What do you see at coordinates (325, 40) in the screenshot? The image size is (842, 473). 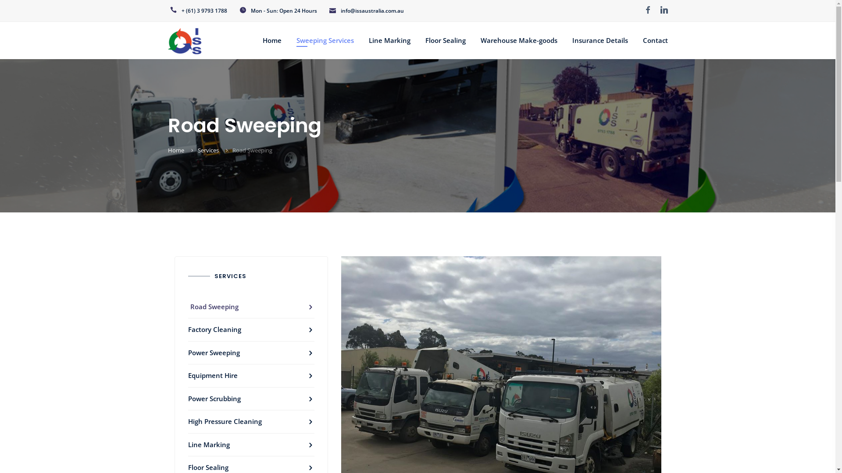 I see `'Sweeping Services'` at bounding box center [325, 40].